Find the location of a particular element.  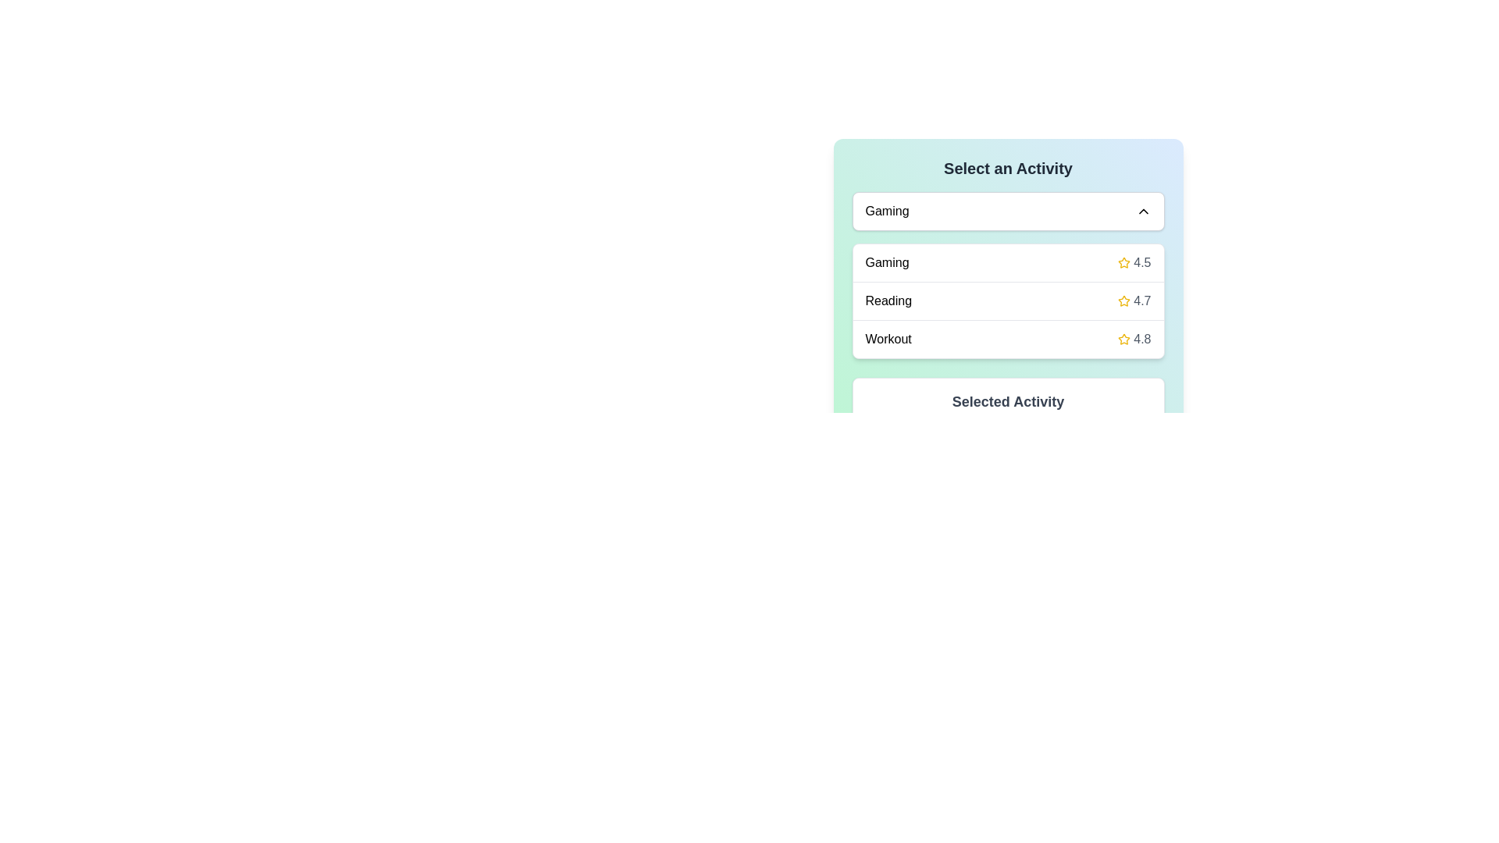

the static text label indicating the activity option 'Reading' in the dropdown menu titled 'Select an Activity' is located at coordinates (888, 301).